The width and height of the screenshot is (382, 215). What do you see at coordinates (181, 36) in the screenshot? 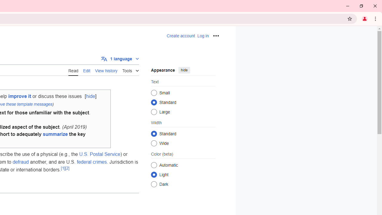
I see `'Create account'` at bounding box center [181, 36].